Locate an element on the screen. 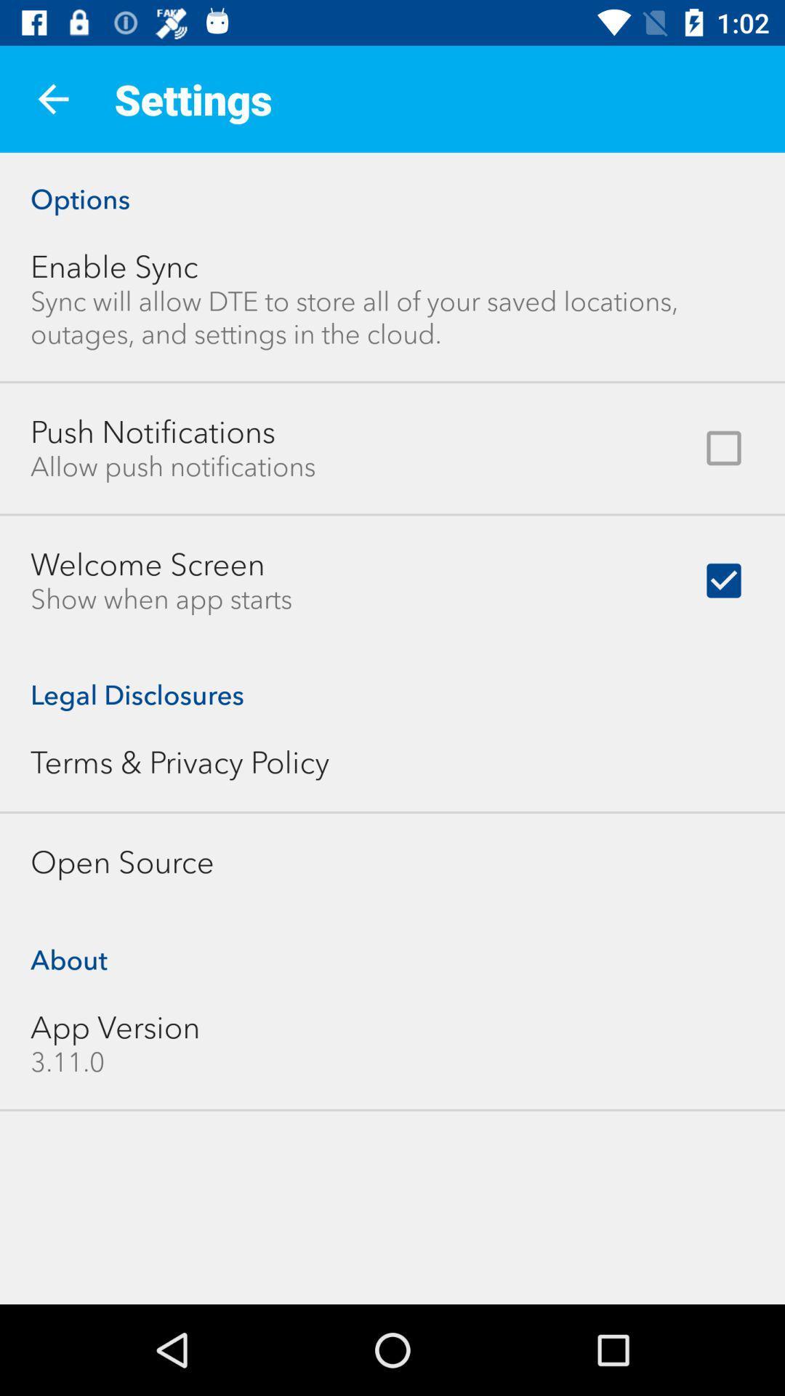 The width and height of the screenshot is (785, 1396). icon above show when app icon is located at coordinates (148, 563).